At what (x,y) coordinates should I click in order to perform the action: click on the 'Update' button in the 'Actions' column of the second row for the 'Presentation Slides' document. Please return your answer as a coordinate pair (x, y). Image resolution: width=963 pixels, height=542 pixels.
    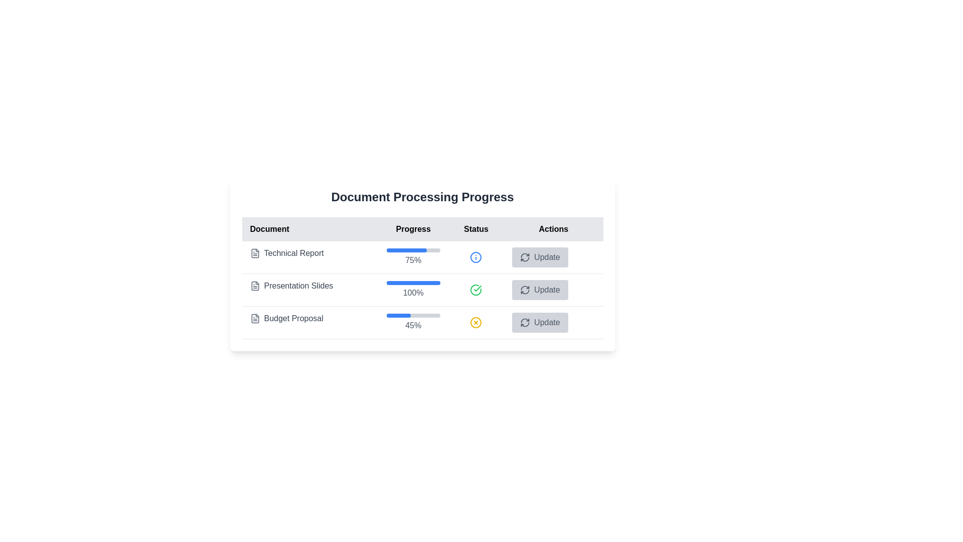
    Looking at the image, I should click on (539, 290).